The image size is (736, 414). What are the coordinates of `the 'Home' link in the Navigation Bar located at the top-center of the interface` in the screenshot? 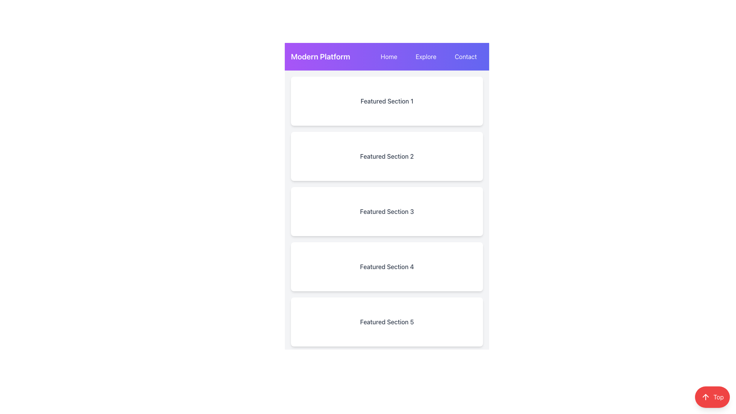 It's located at (387, 56).